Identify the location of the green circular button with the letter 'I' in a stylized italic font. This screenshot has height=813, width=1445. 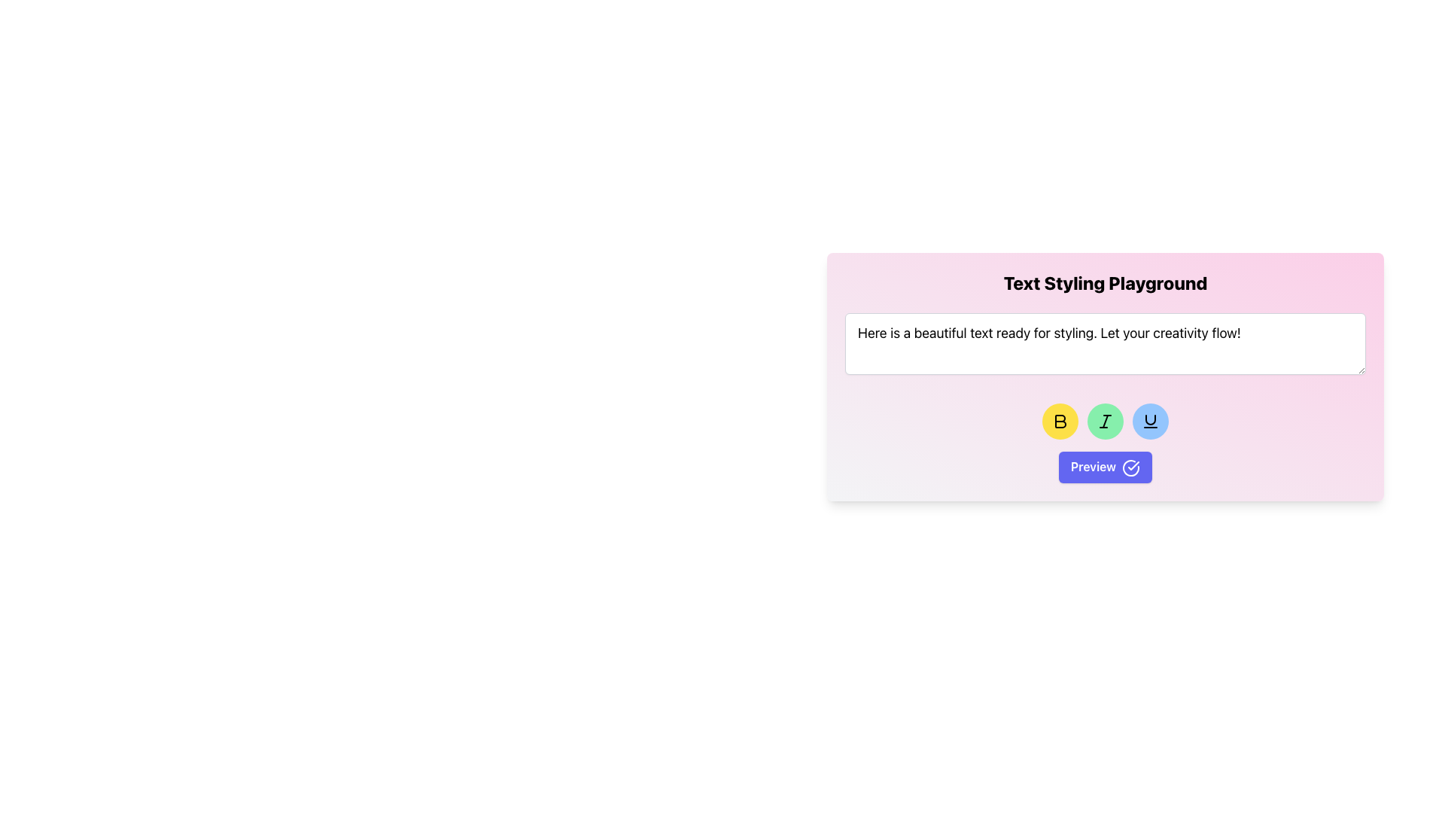
(1105, 421).